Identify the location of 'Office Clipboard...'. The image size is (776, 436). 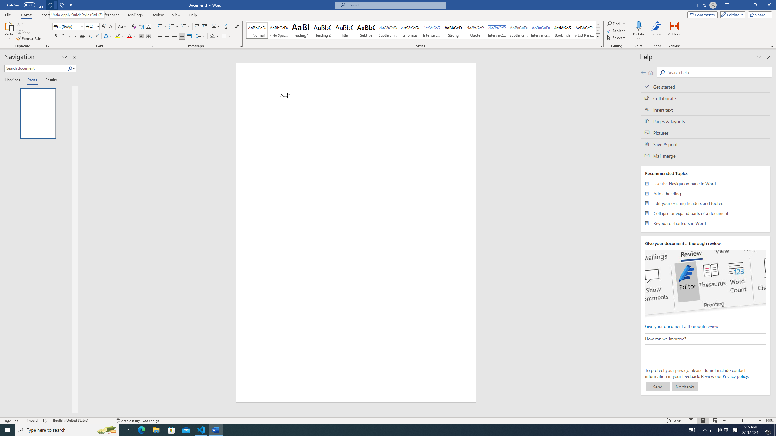
(47, 45).